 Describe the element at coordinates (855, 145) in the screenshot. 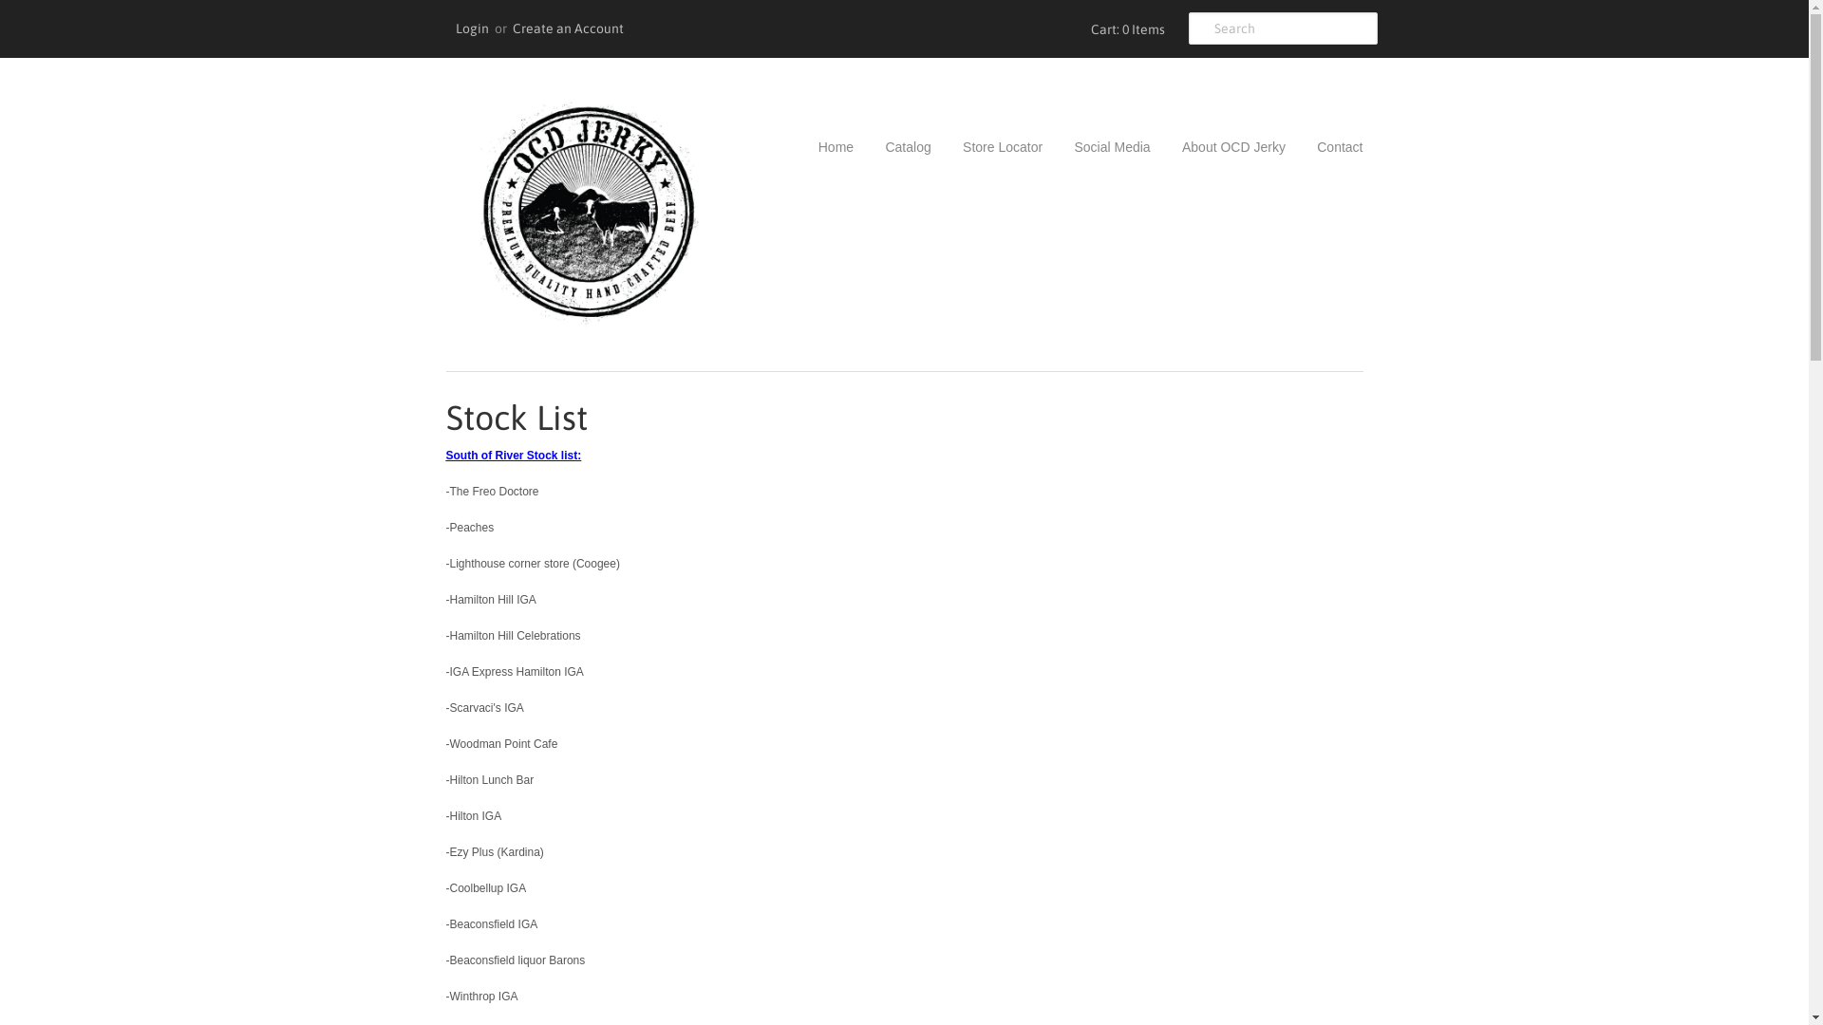

I see `'Catalog'` at that location.